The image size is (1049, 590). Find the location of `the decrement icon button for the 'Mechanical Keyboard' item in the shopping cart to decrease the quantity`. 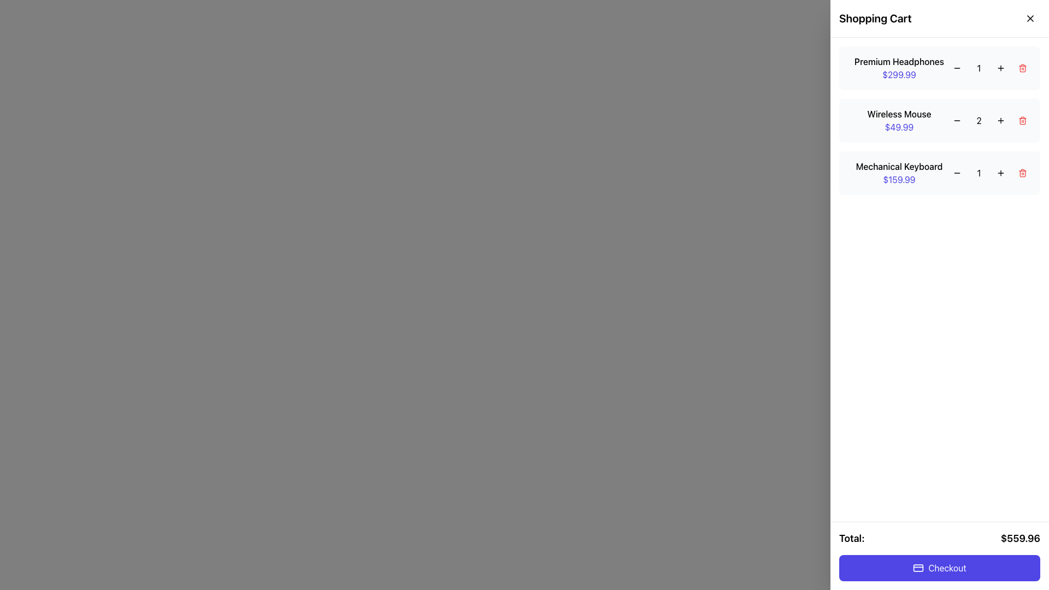

the decrement icon button for the 'Mechanical Keyboard' item in the shopping cart to decrease the quantity is located at coordinates (957, 172).